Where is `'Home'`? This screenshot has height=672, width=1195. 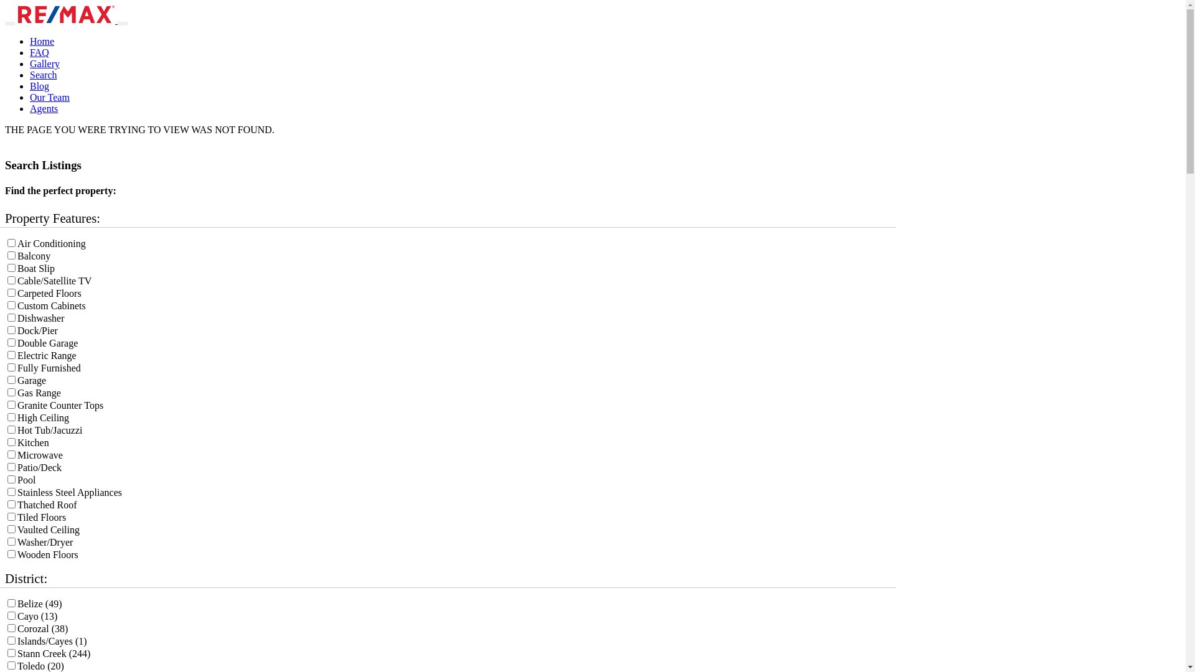 'Home' is located at coordinates (42, 40).